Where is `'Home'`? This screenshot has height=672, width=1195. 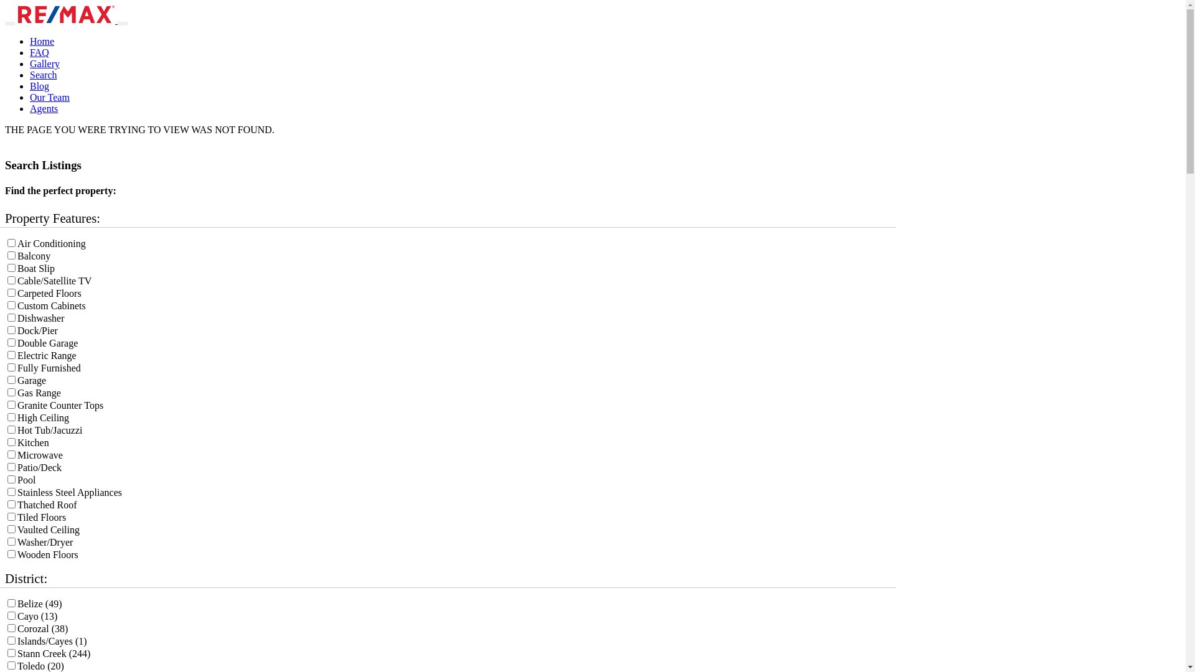 'Home' is located at coordinates (42, 40).